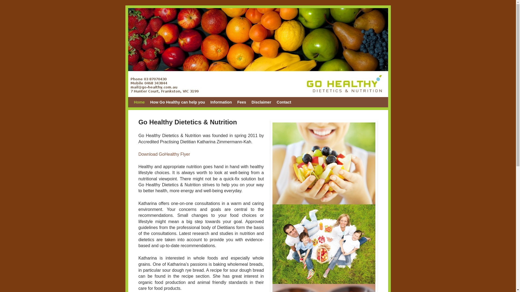 This screenshot has width=520, height=292. Describe the element at coordinates (261, 102) in the screenshot. I see `'Disclaimer'` at that location.